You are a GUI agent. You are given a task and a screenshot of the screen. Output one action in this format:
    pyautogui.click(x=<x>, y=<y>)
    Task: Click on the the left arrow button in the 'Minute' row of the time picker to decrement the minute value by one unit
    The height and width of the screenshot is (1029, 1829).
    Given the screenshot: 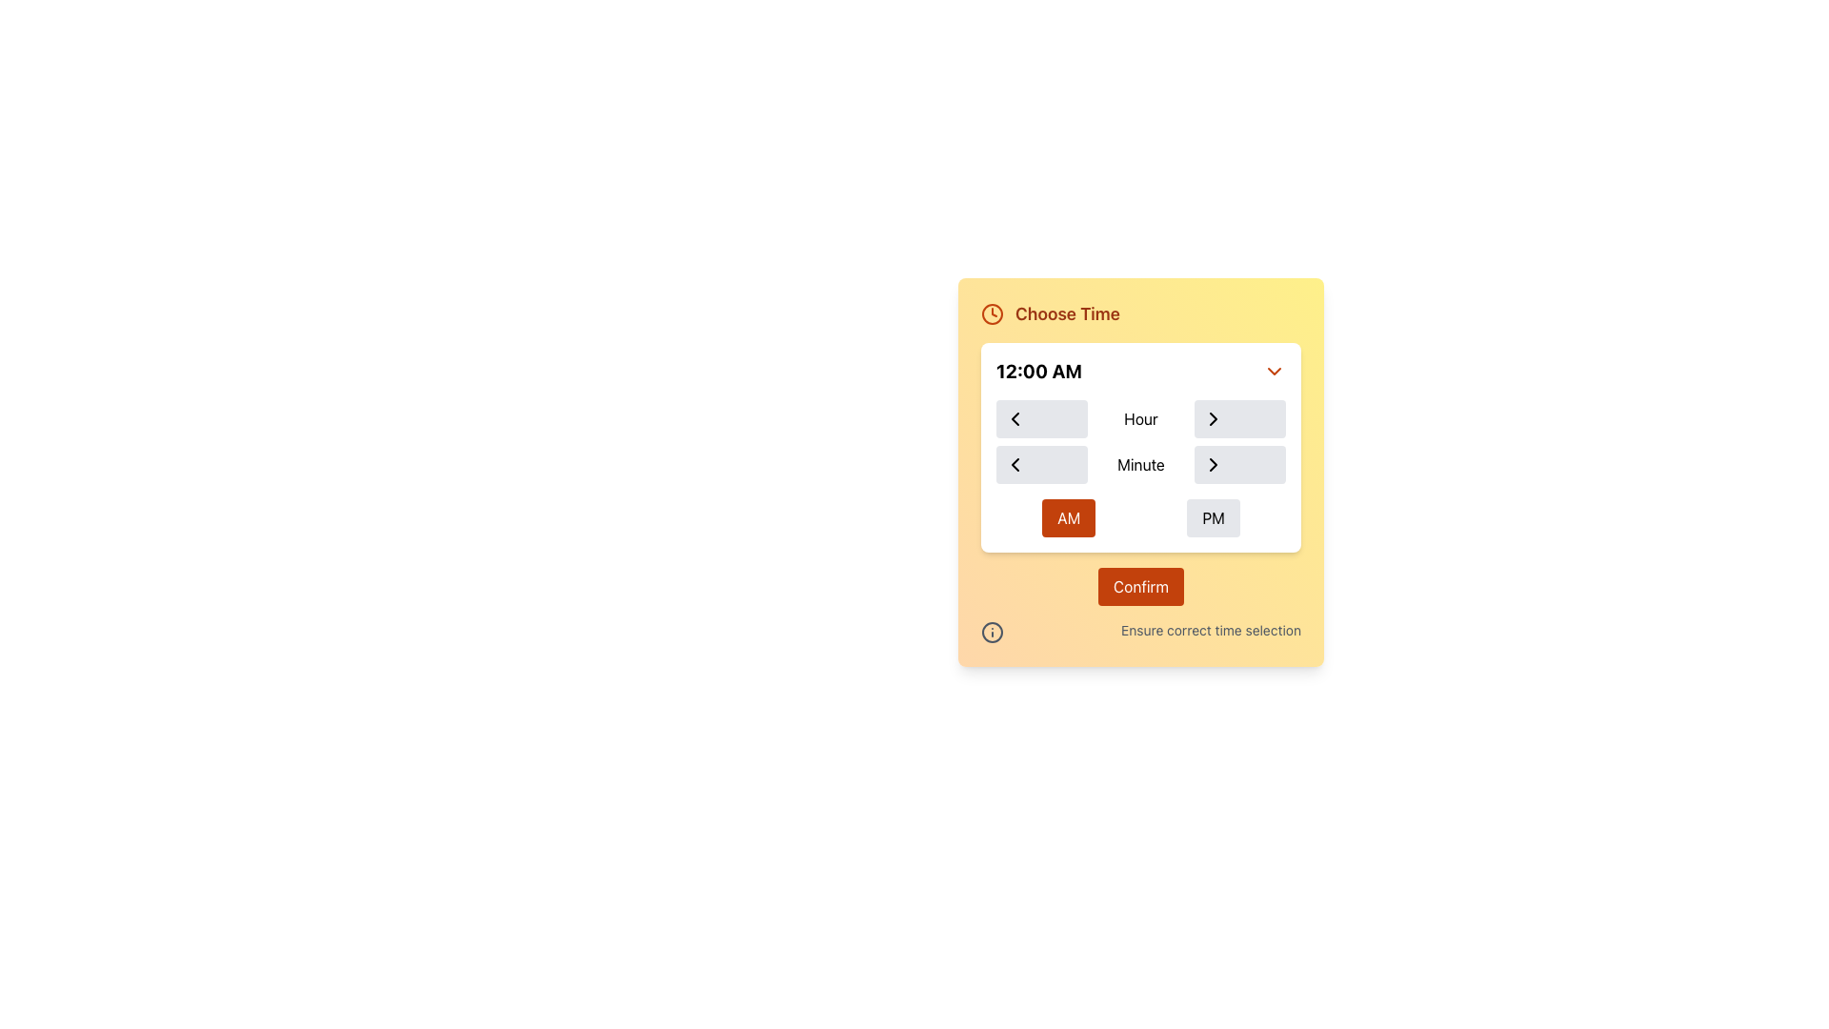 What is the action you would take?
    pyautogui.click(x=1014, y=465)
    